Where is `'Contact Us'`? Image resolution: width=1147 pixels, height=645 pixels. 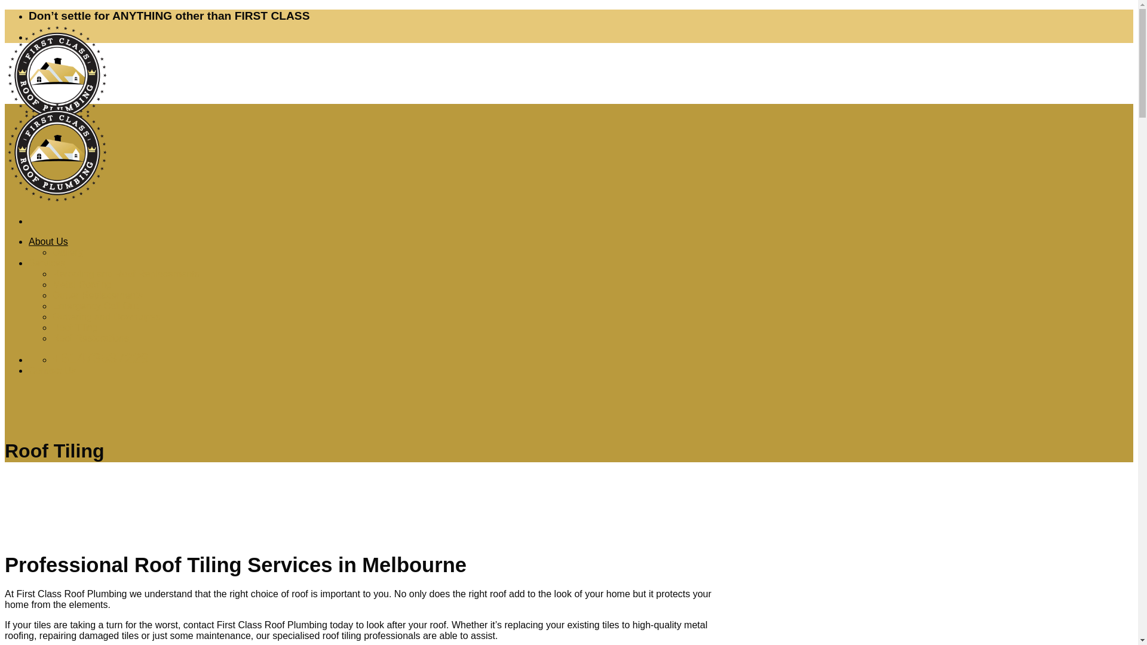 'Contact Us' is located at coordinates (51, 370).